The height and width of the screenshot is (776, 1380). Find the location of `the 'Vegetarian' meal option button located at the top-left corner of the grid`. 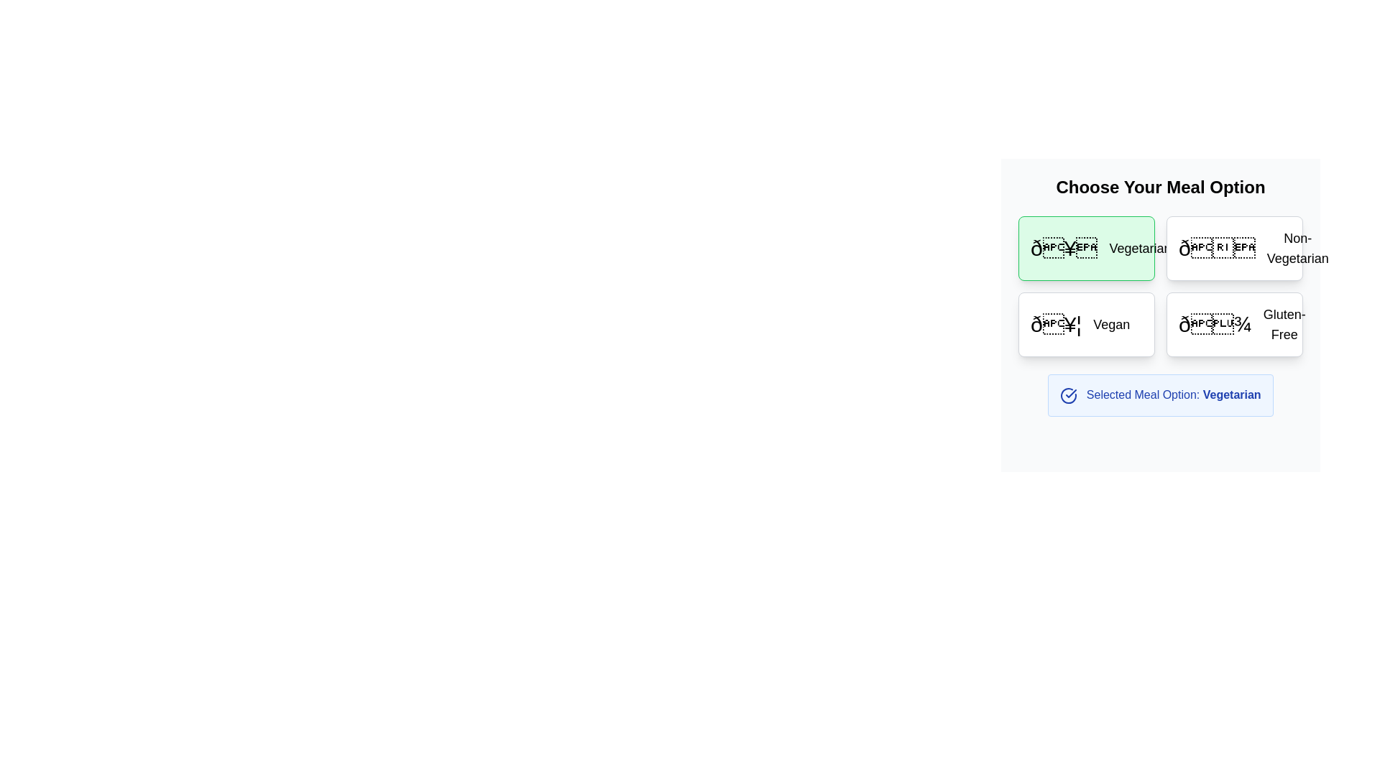

the 'Vegetarian' meal option button located at the top-left corner of the grid is located at coordinates (1087, 248).